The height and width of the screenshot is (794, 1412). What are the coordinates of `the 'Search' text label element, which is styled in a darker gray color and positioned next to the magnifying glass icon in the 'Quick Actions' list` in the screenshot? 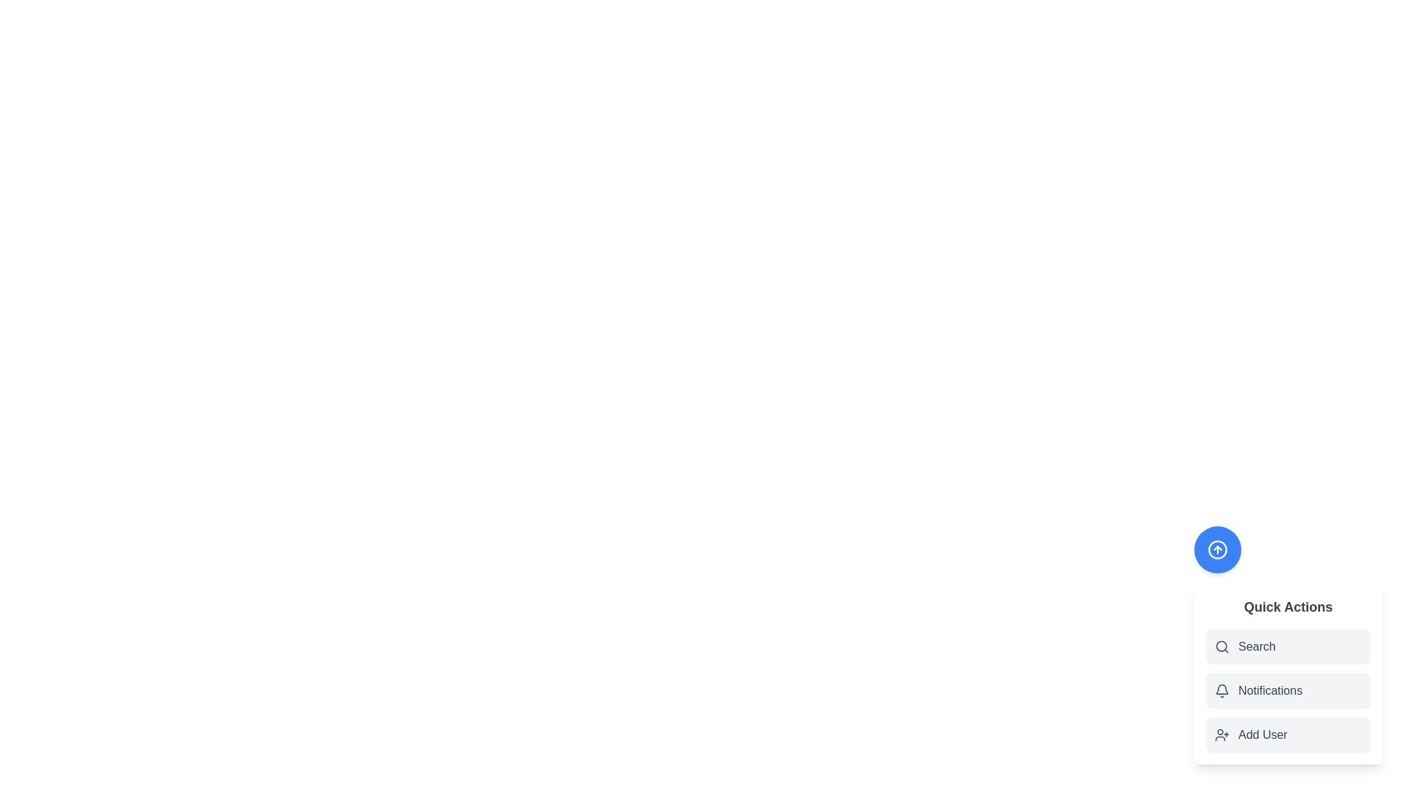 It's located at (1256, 645).